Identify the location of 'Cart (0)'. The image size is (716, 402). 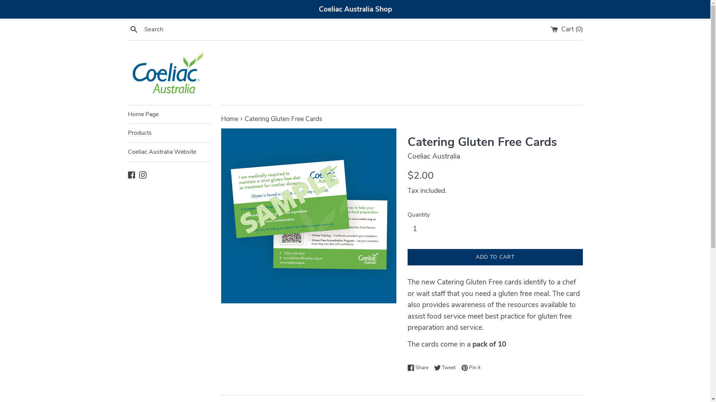
(566, 29).